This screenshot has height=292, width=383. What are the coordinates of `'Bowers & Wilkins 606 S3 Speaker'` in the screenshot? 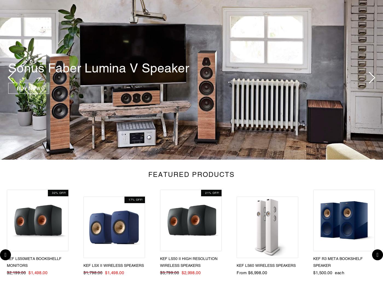 It's located at (103, 68).